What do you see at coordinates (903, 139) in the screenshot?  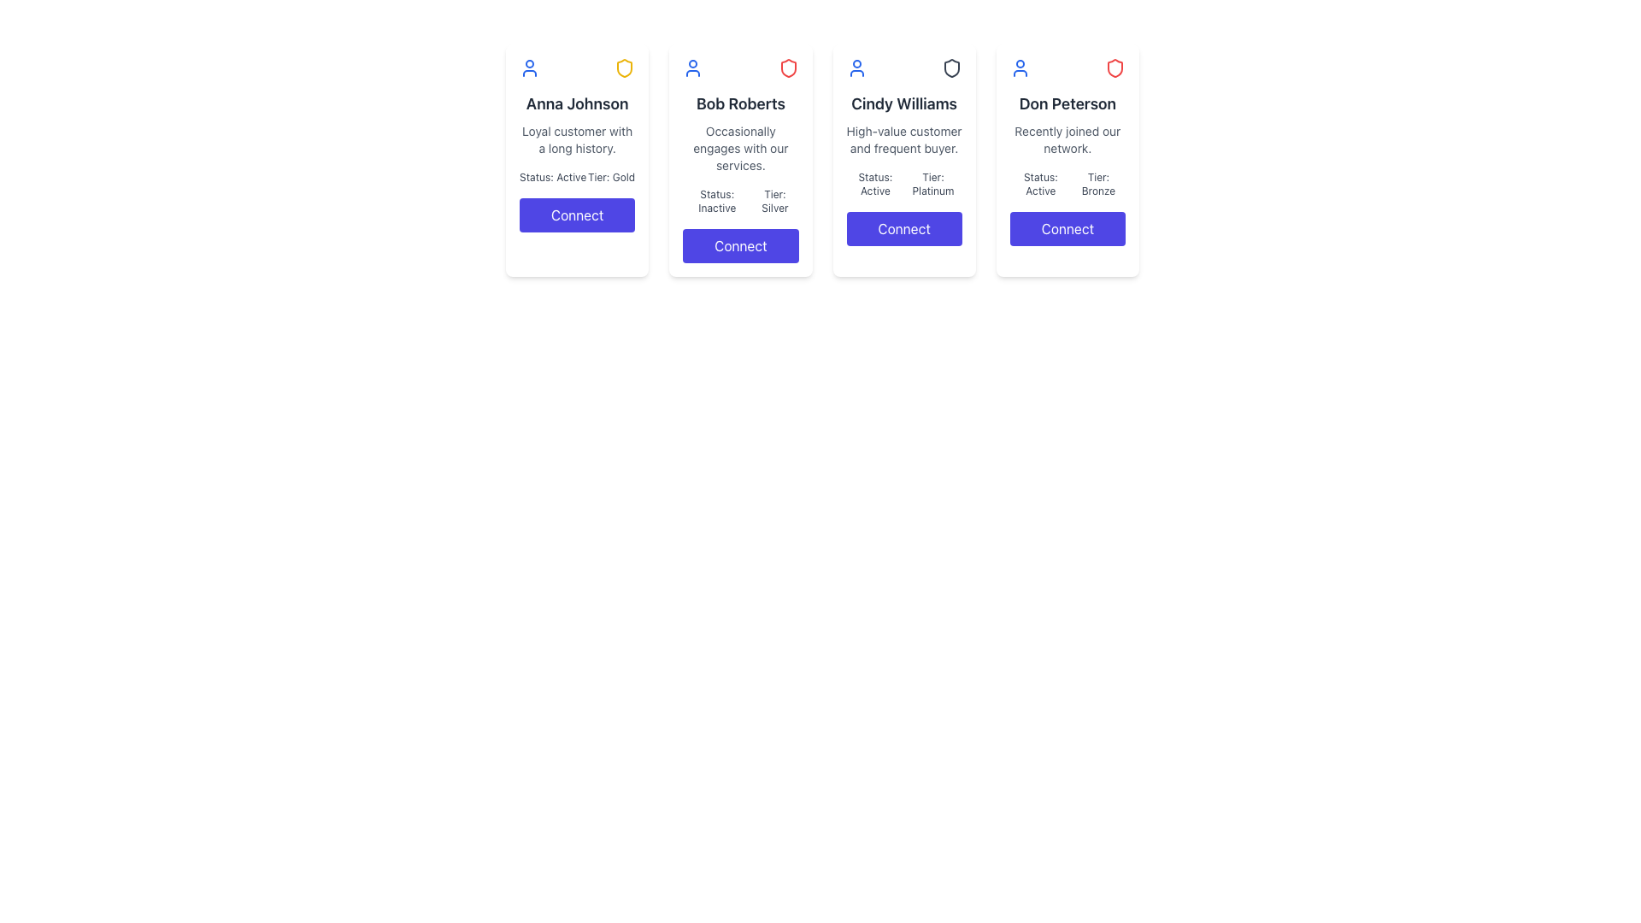 I see `the text block containing 'High-value customer and frequent buyer.' which is styled in gray font and located under the heading 'Cindy Williams' in the card interface` at bounding box center [903, 139].